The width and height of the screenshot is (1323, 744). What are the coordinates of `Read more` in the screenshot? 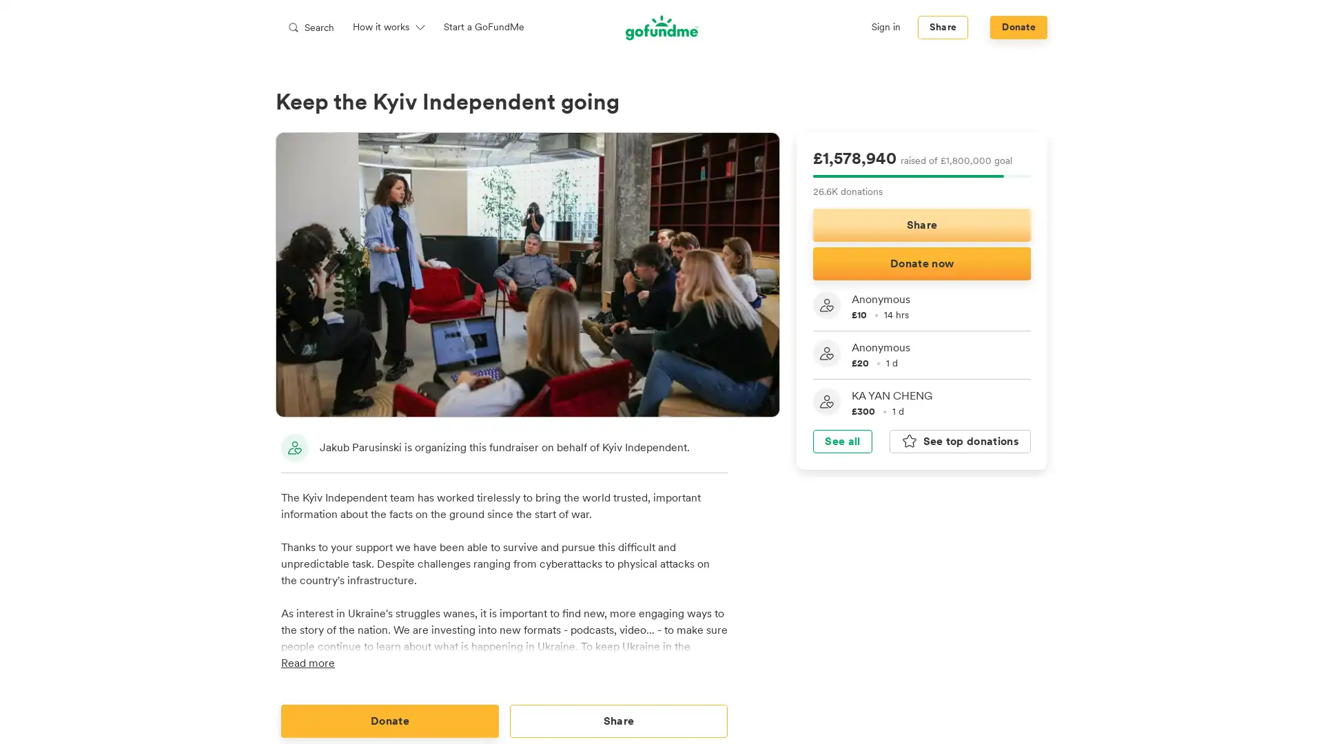 It's located at (307, 661).